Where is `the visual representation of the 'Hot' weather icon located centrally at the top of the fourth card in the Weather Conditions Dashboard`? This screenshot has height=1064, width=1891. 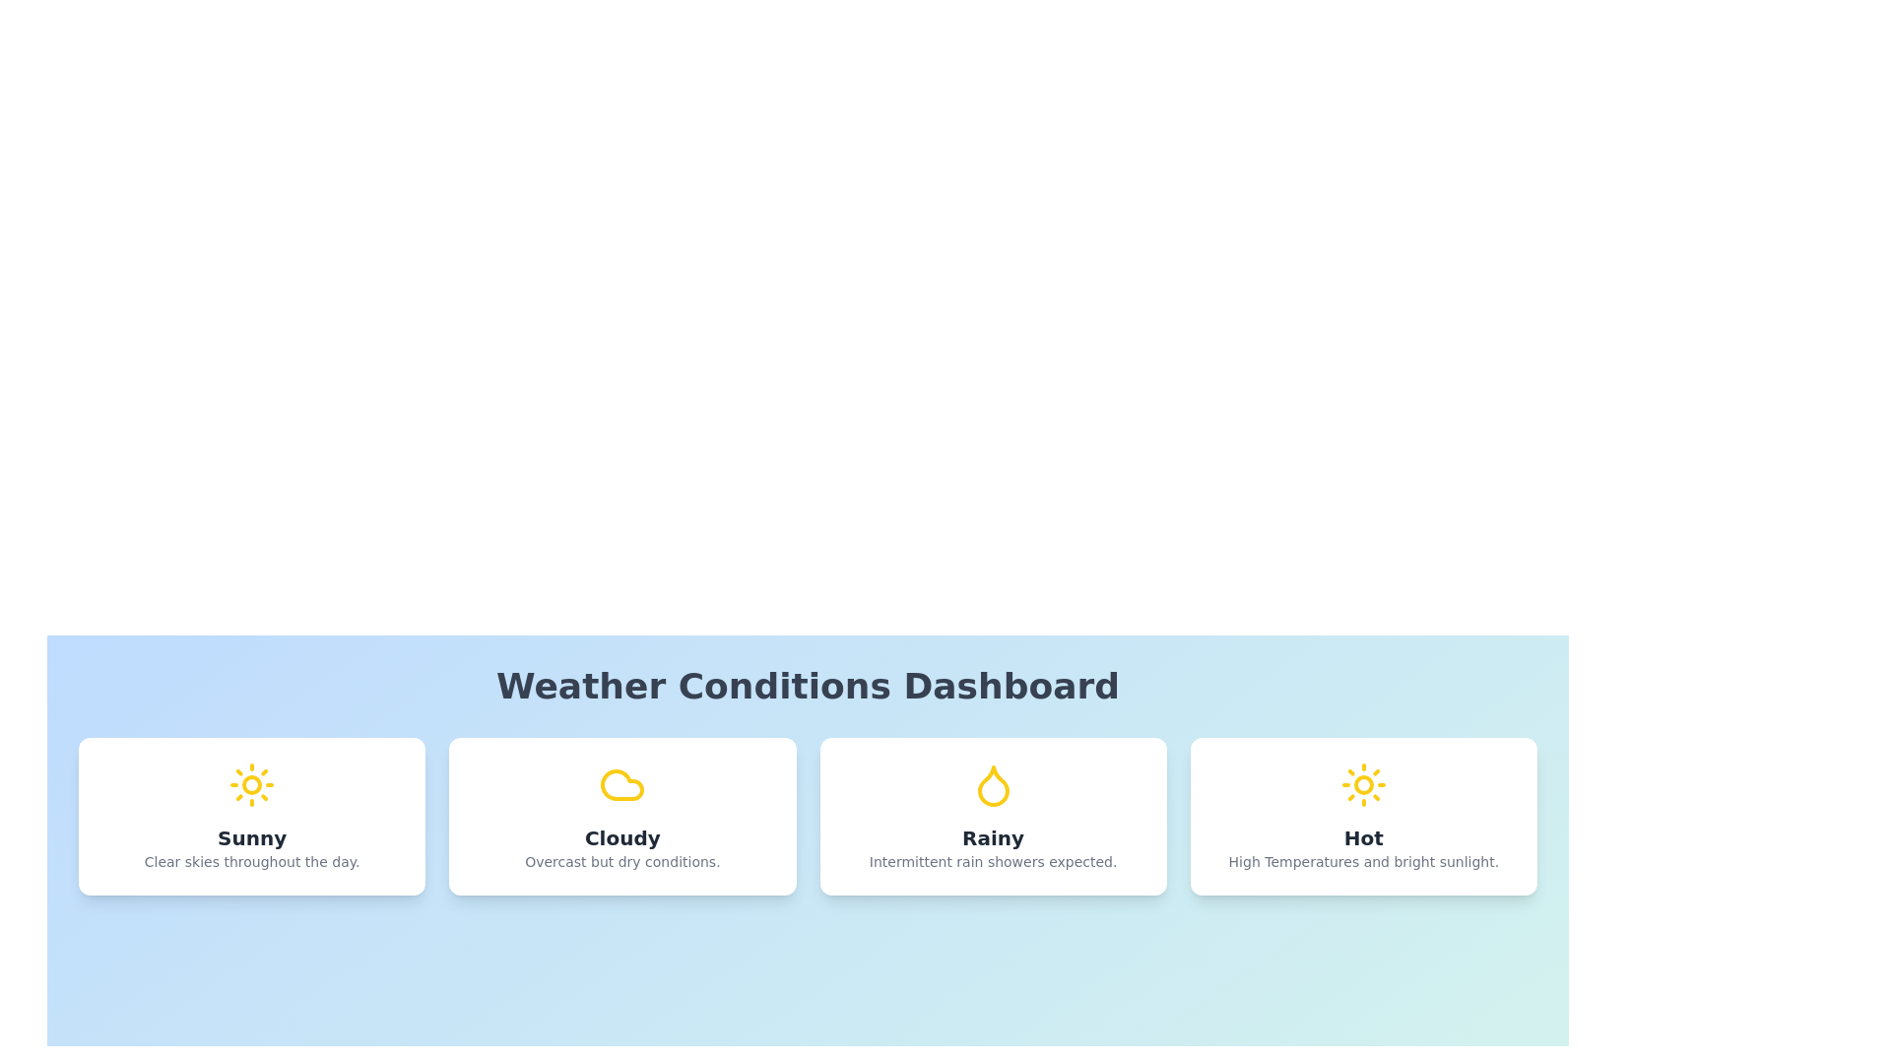
the visual representation of the 'Hot' weather icon located centrally at the top of the fourth card in the Weather Conditions Dashboard is located at coordinates (1362, 784).